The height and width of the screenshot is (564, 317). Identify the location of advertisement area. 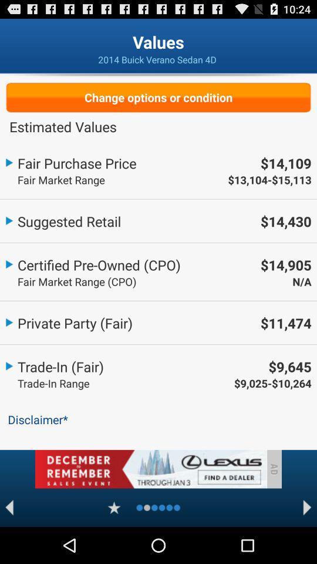
(150, 469).